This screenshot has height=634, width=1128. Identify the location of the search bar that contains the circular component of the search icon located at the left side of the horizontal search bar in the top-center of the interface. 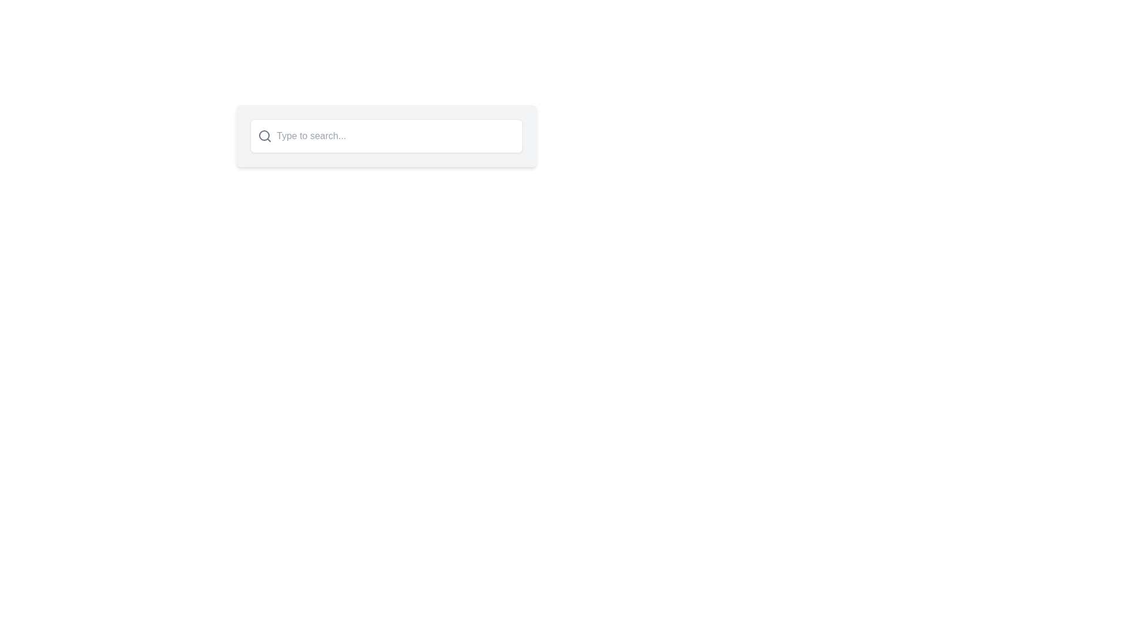
(264, 135).